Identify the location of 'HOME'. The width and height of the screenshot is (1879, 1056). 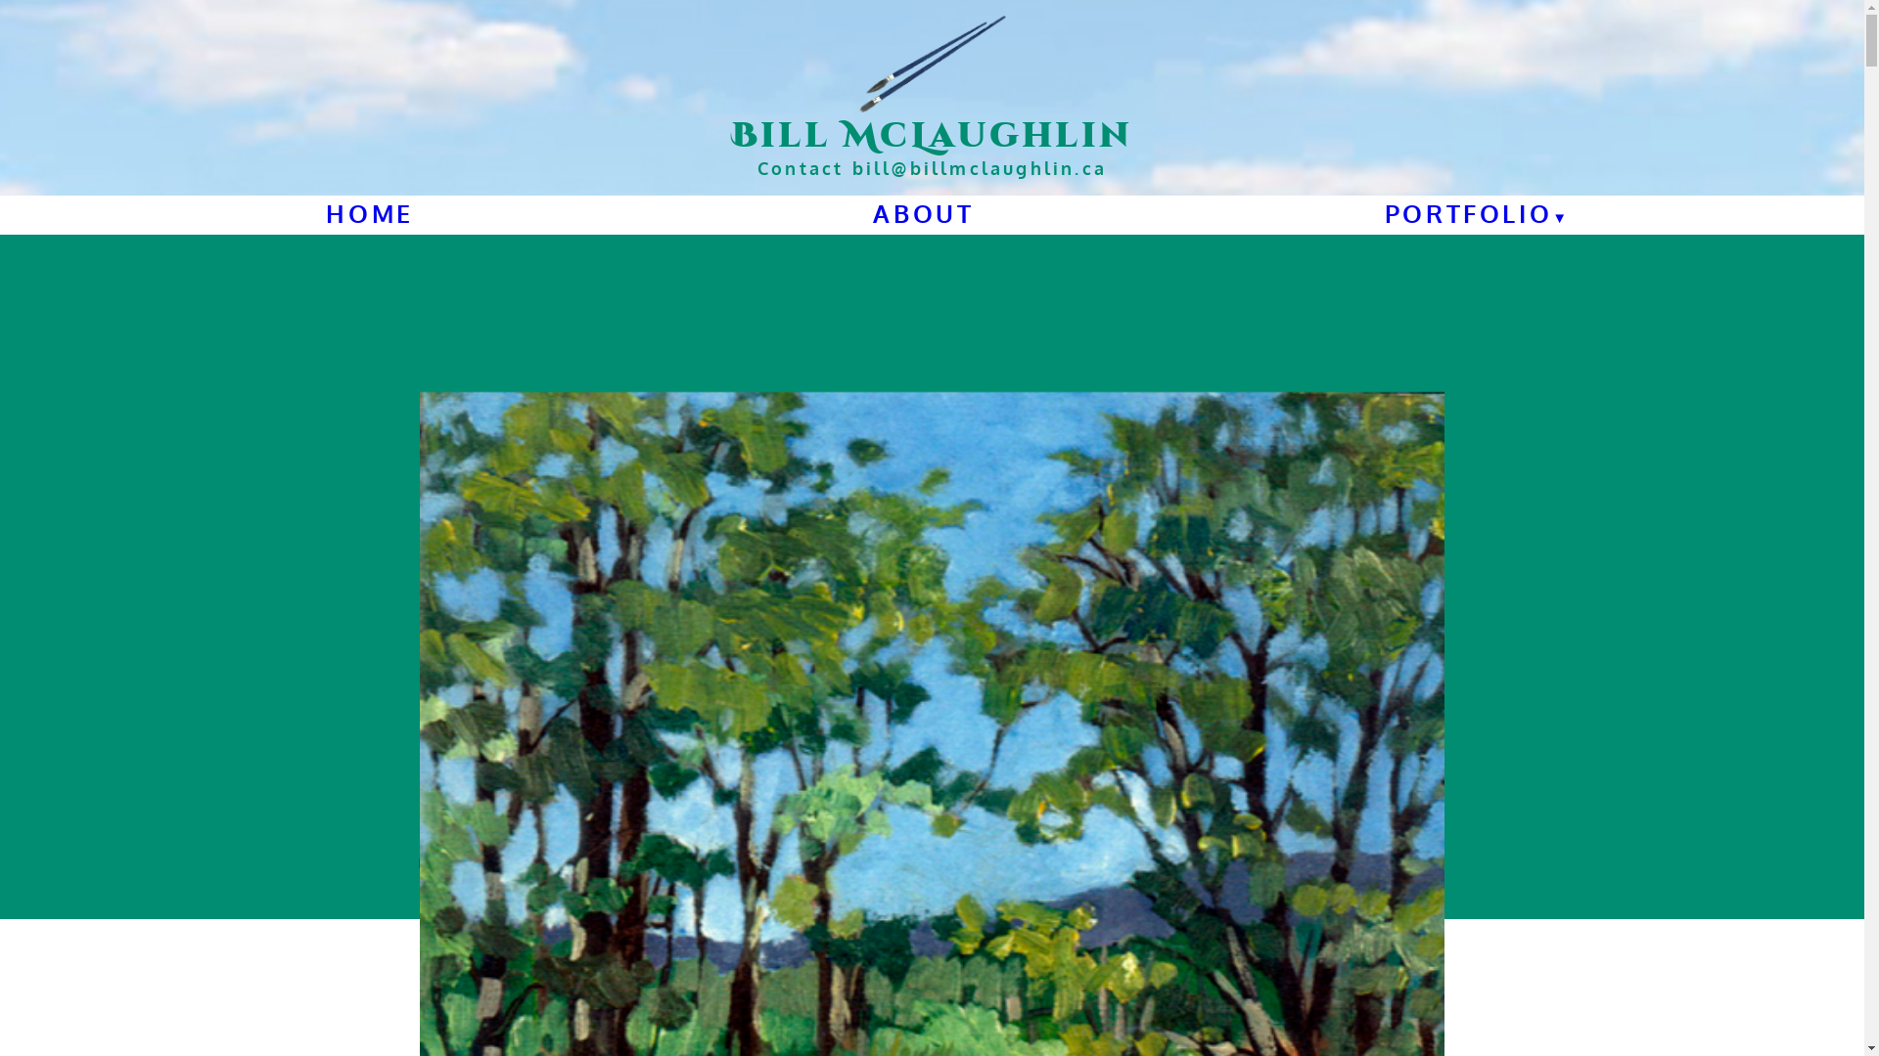
(370, 213).